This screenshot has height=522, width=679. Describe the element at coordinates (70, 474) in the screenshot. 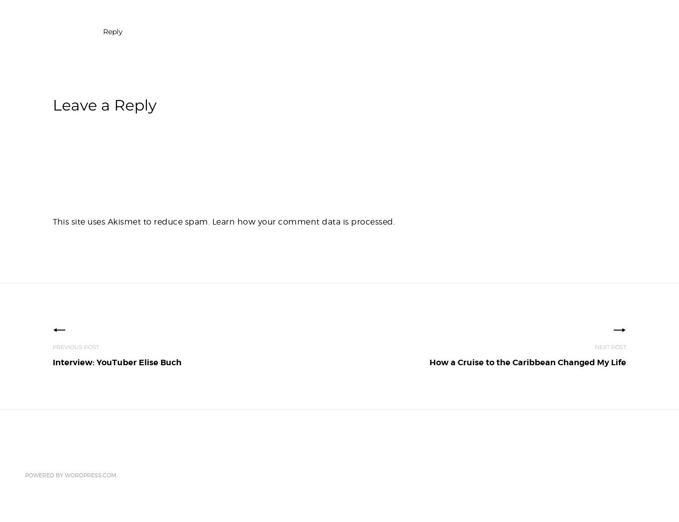

I see `'Powered by WordPress.com'` at that location.